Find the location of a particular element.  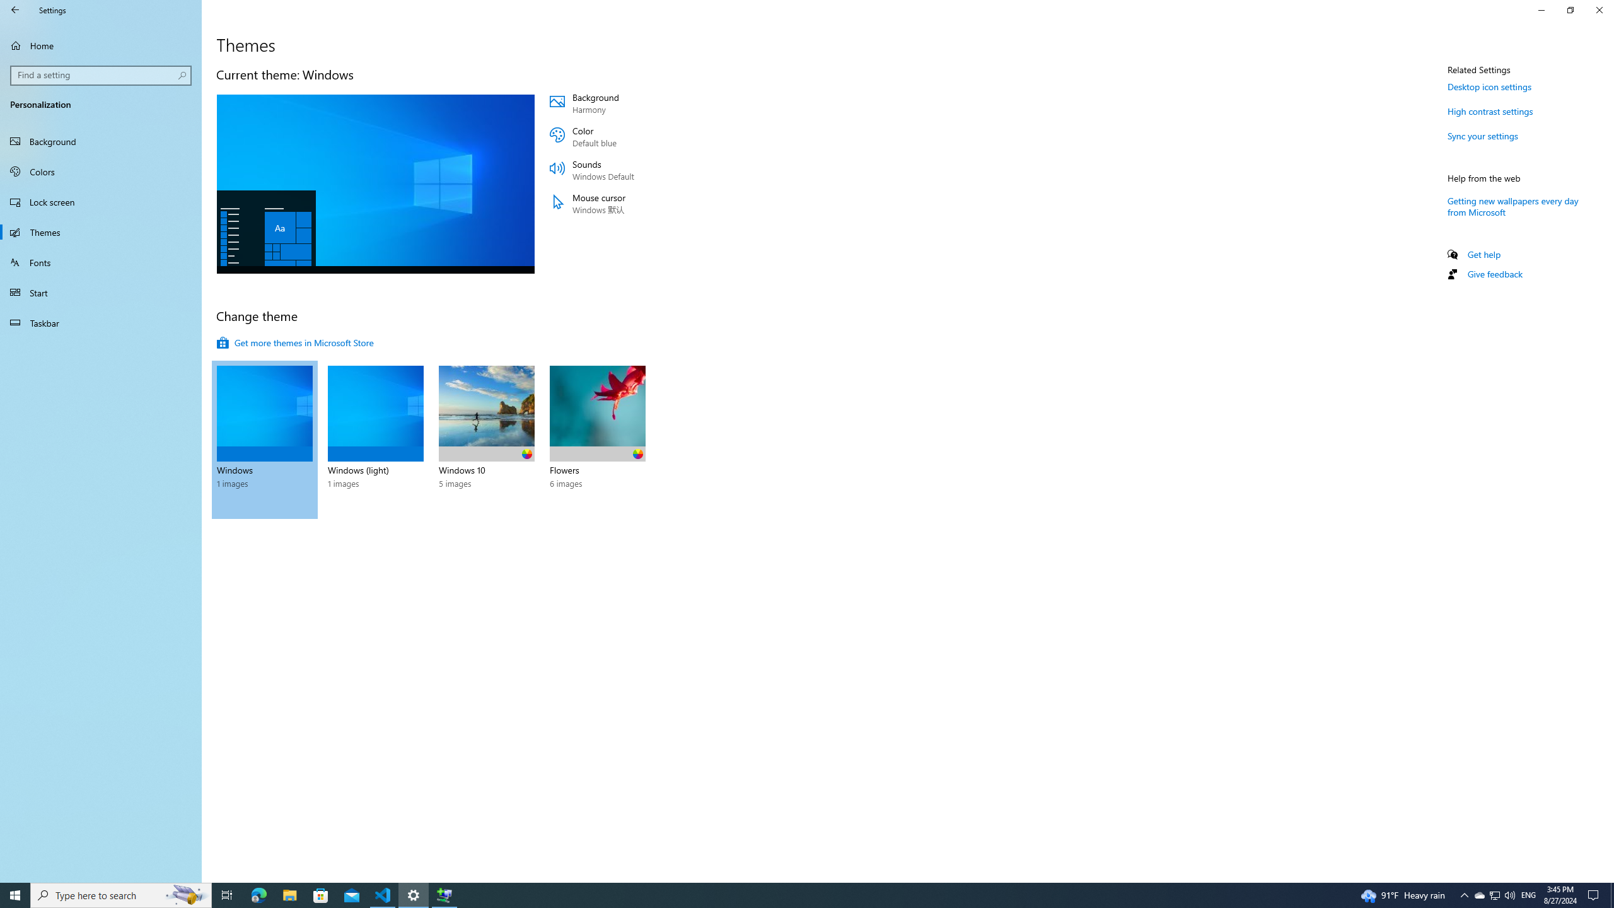

'Search box, Find a setting' is located at coordinates (101, 74).